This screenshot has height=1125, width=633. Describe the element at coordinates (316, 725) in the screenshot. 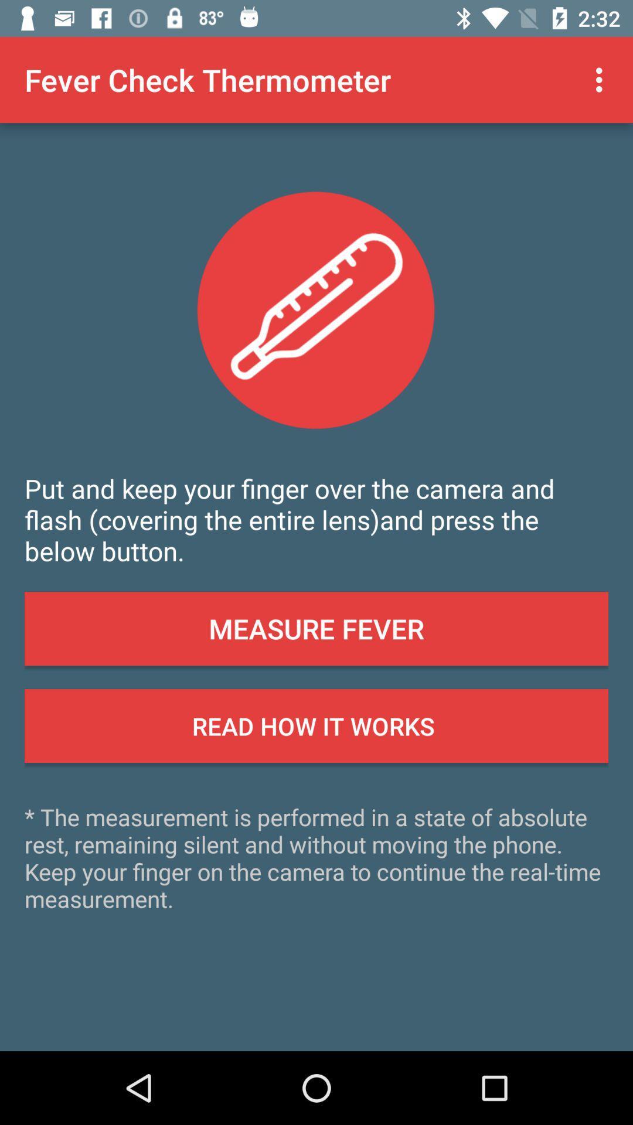

I see `app above the the measurement is icon` at that location.